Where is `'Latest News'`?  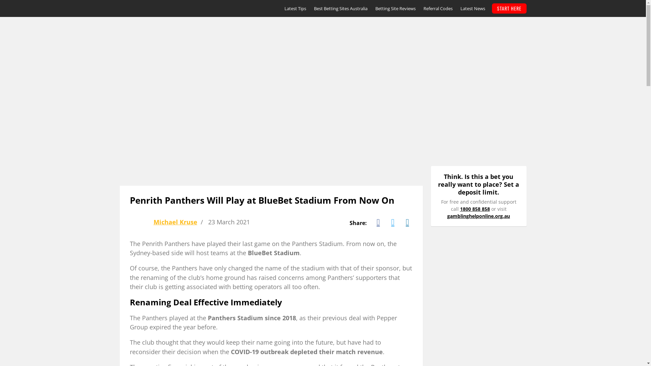
'Latest News' is located at coordinates (472, 8).